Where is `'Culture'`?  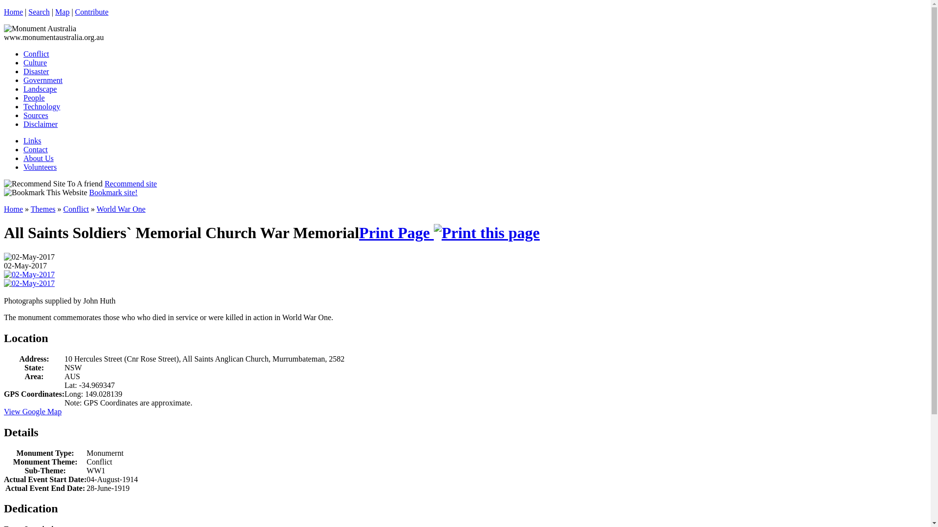 'Culture' is located at coordinates (35, 62).